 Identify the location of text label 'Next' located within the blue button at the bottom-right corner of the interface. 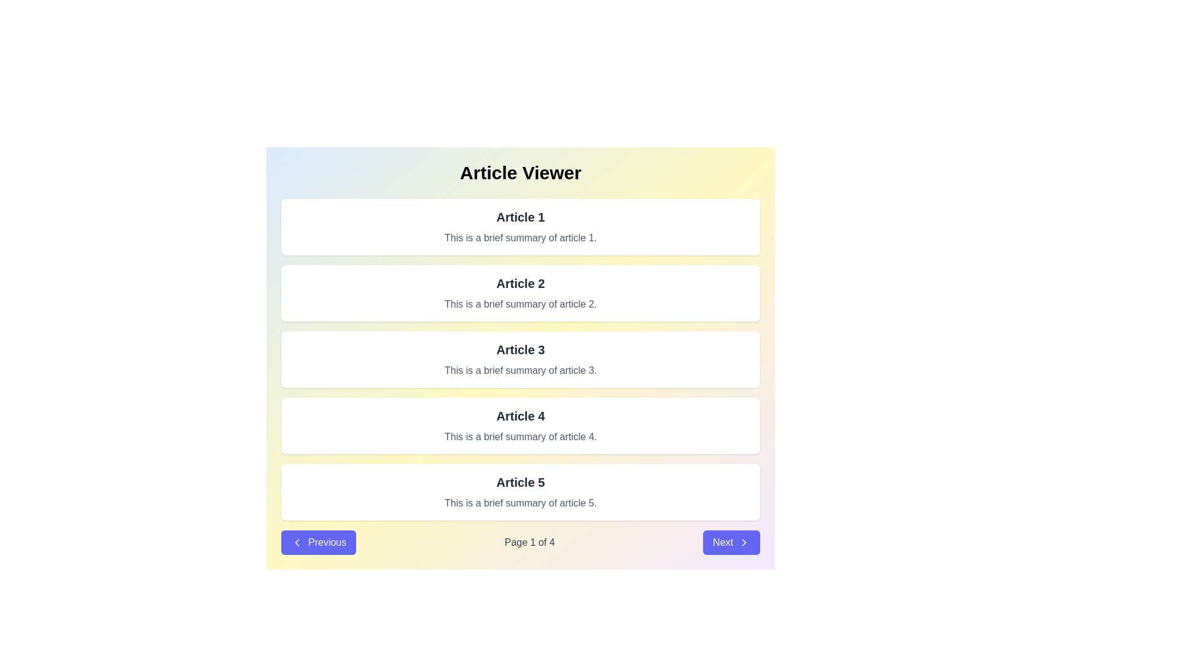
(723, 541).